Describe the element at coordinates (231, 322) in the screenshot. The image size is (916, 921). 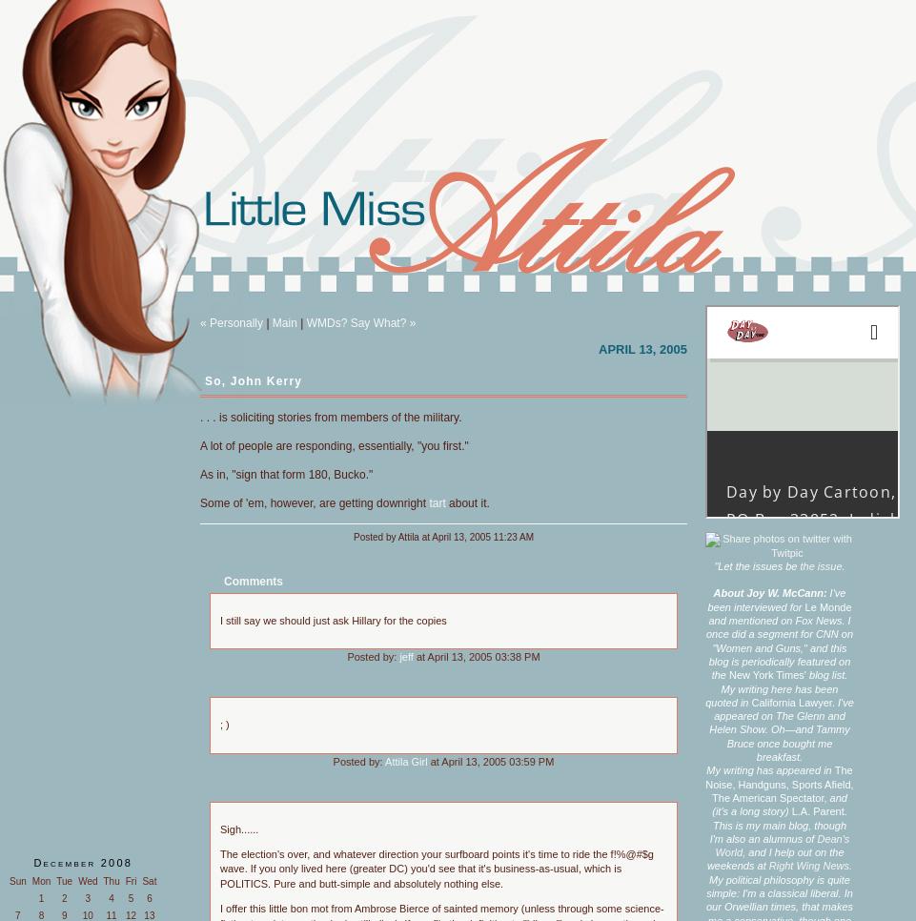
I see `'« Personally'` at that location.